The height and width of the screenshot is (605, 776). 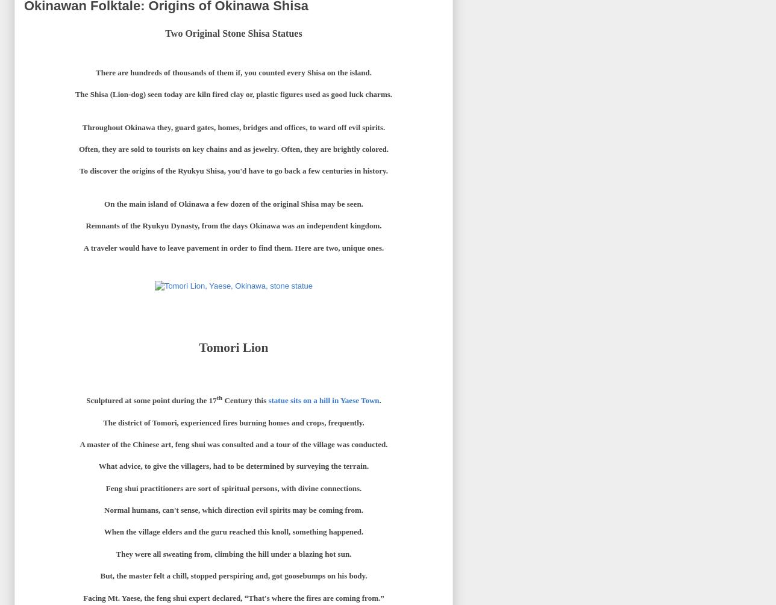 I want to click on 'Tomori Lion', so click(x=198, y=347).